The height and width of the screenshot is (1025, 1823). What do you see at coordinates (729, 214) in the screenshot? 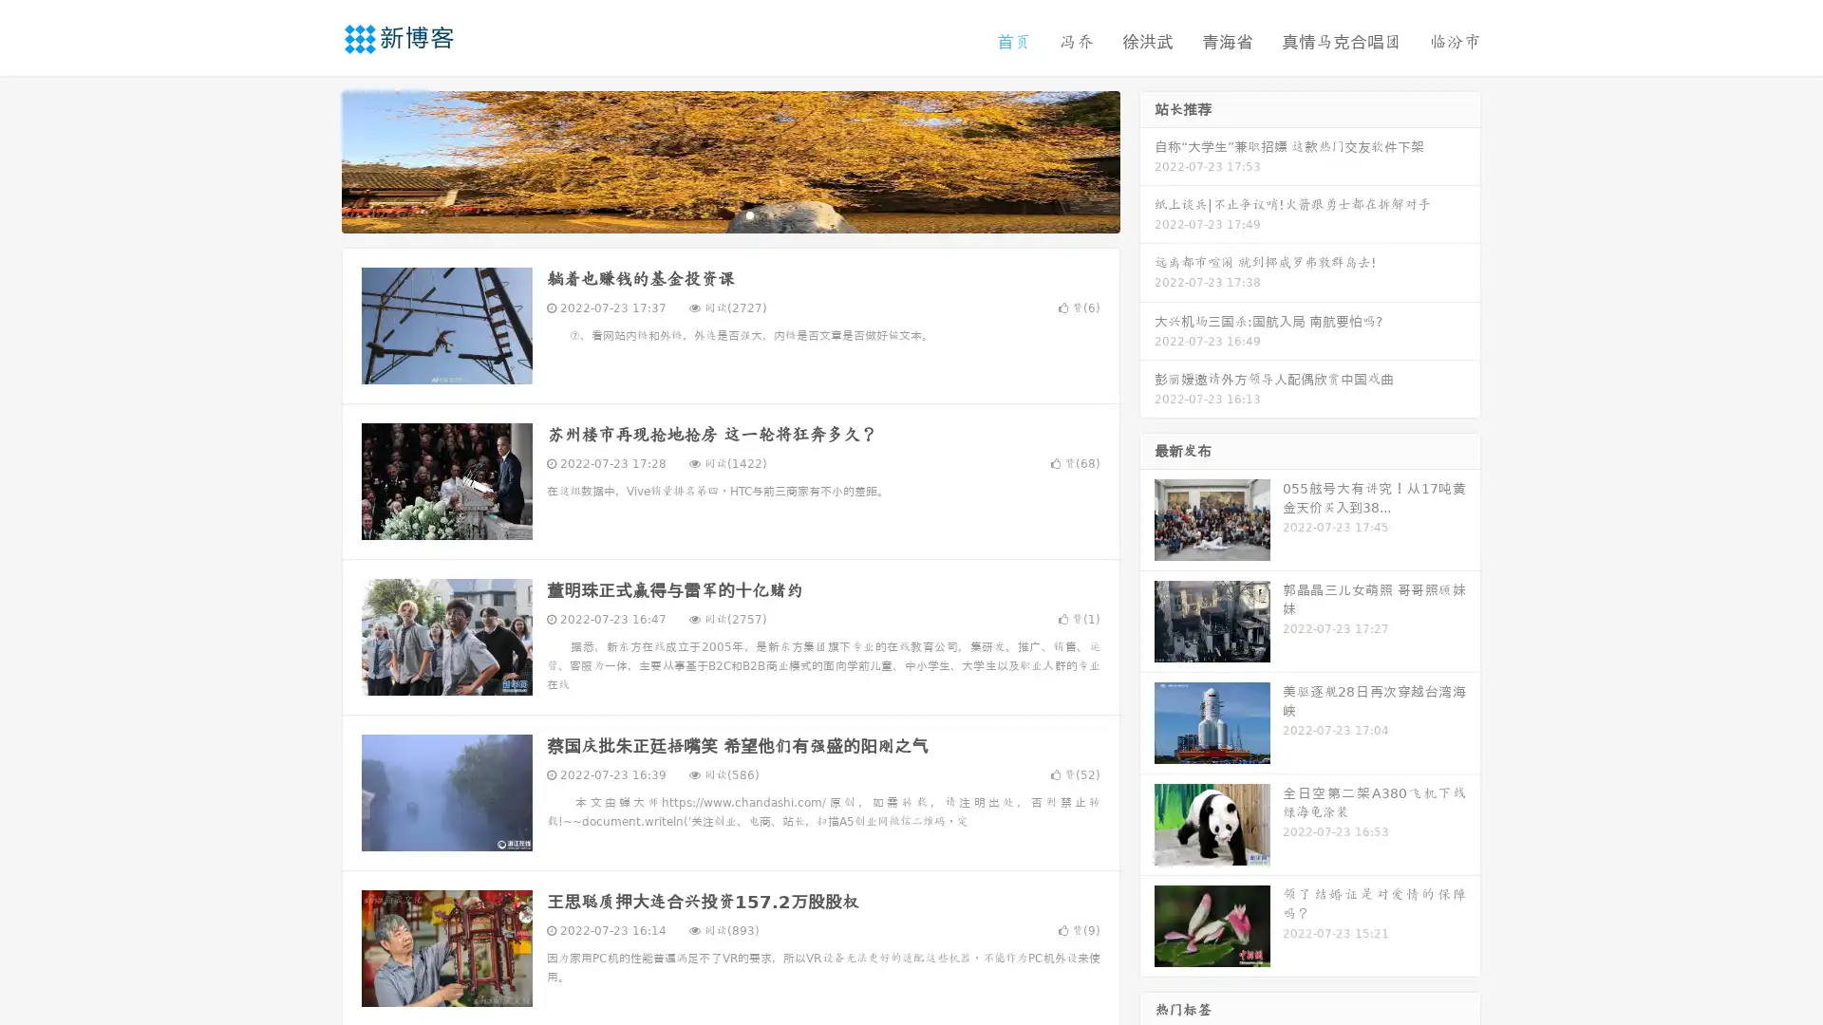
I see `Go to slide 2` at bounding box center [729, 214].